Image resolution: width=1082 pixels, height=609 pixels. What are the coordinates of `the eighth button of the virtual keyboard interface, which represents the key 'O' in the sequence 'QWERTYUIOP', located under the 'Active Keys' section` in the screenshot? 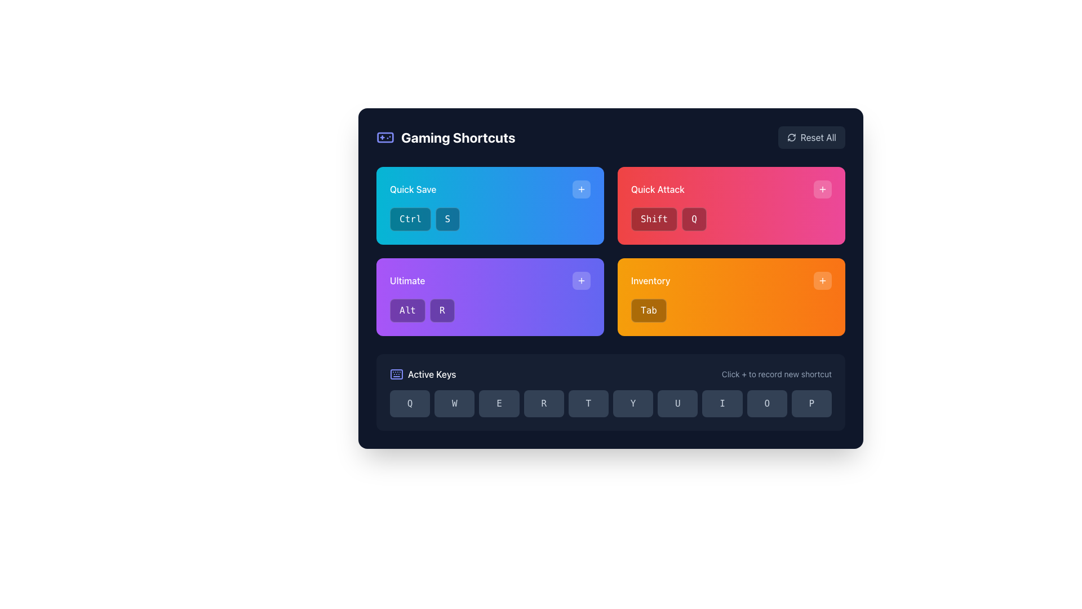 It's located at (677, 403).